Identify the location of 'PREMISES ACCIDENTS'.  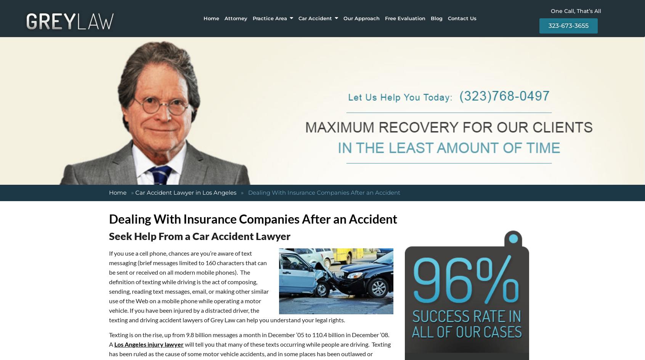
(213, 42).